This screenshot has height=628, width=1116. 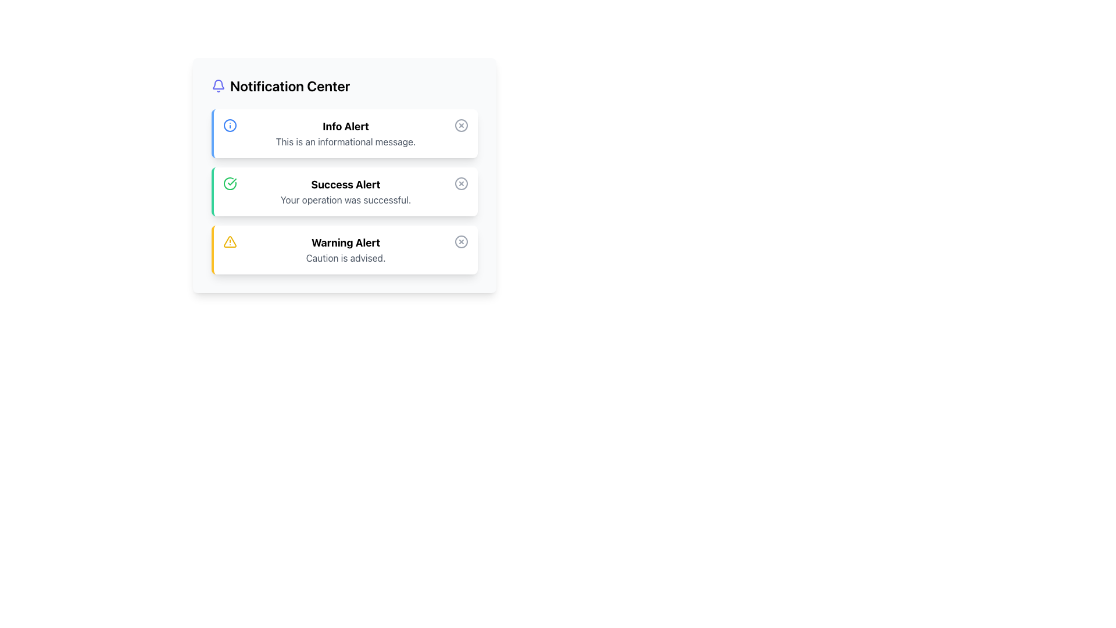 What do you see at coordinates (345, 141) in the screenshot?
I see `the non-interactive text label that provides explanatory information beneath the 'Info Alert' text in the first notification box` at bounding box center [345, 141].